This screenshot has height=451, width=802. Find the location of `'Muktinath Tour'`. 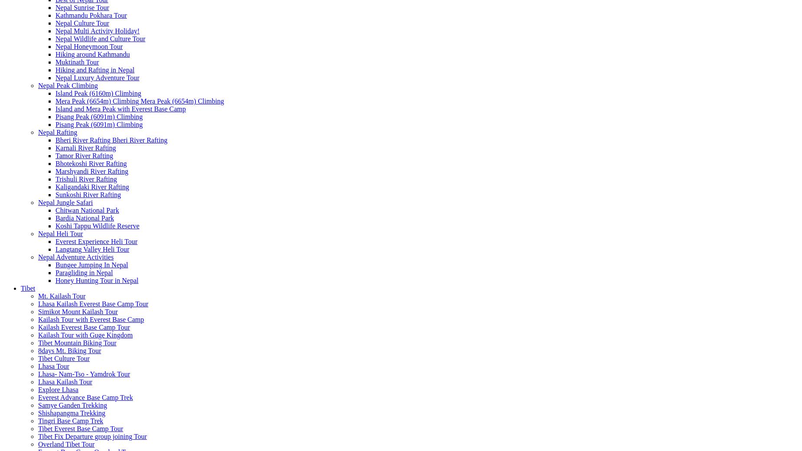

'Muktinath Tour' is located at coordinates (76, 62).